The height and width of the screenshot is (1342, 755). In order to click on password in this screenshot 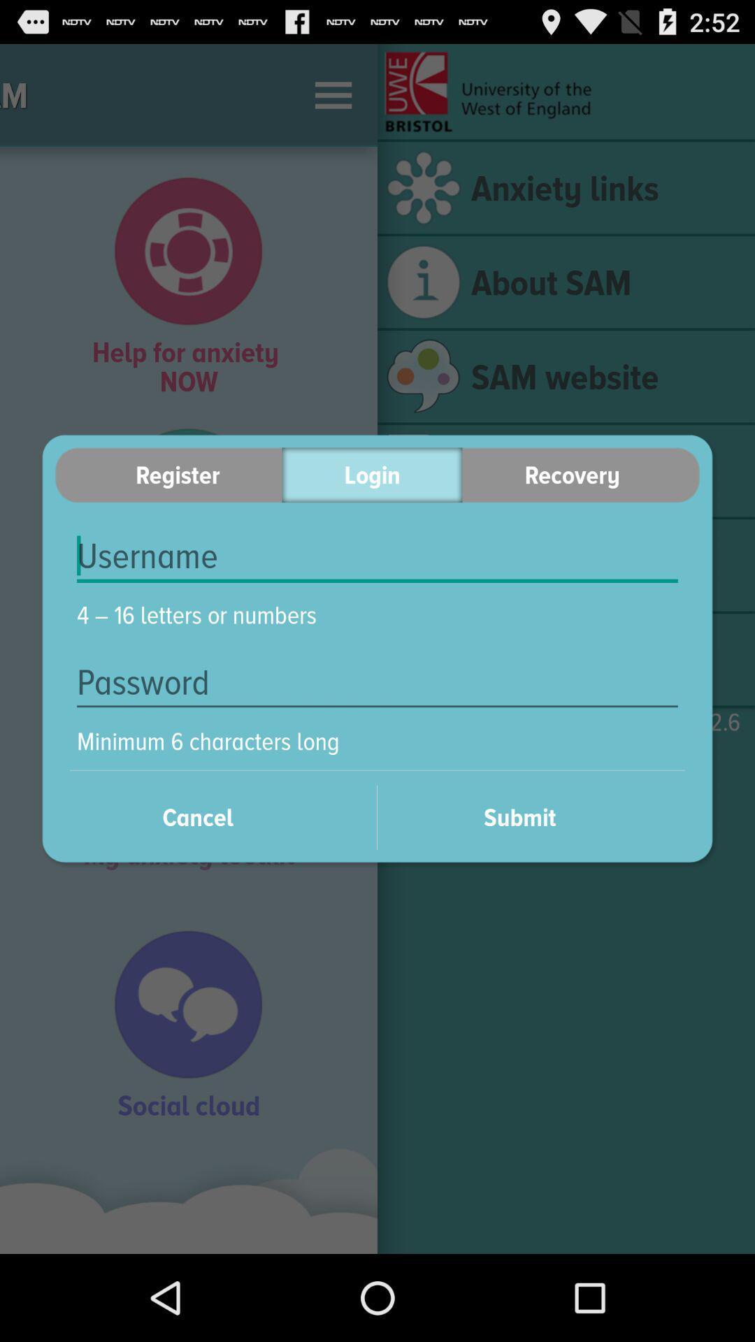, I will do `click(377, 682)`.